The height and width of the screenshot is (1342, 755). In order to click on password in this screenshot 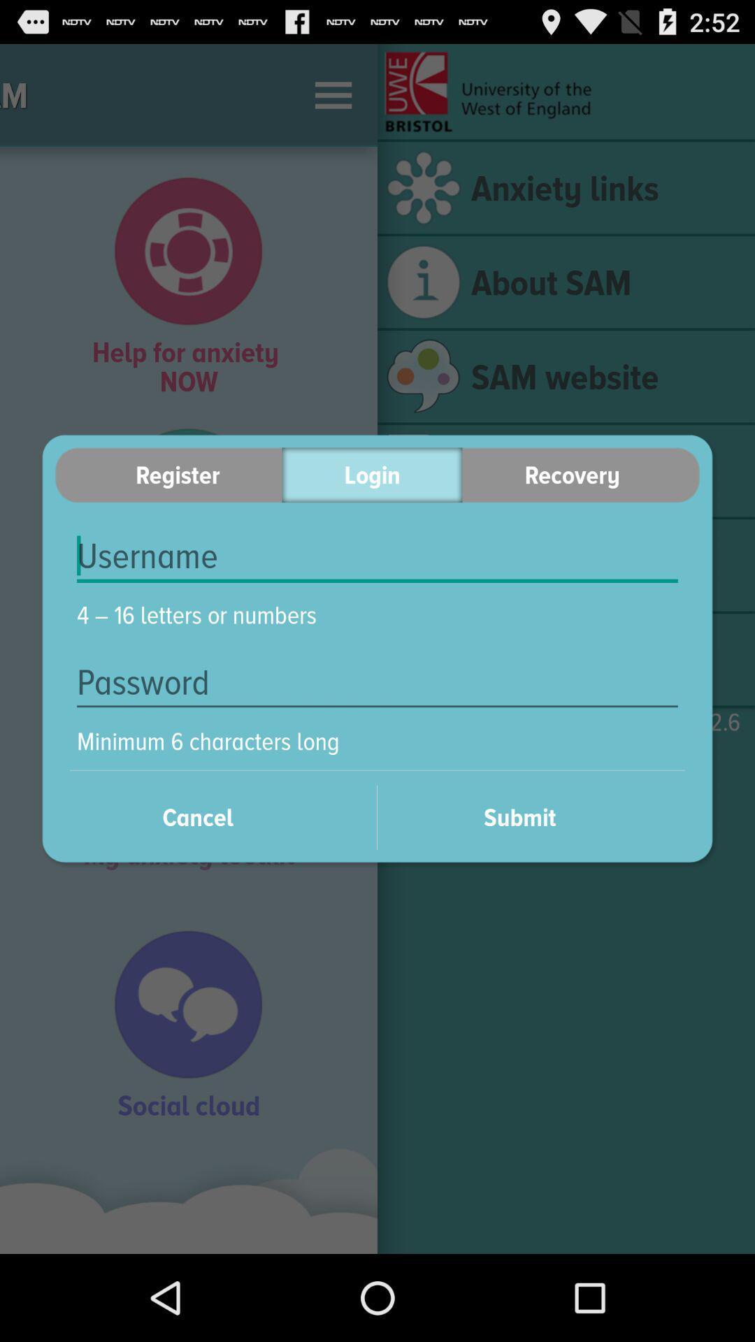, I will do `click(377, 682)`.